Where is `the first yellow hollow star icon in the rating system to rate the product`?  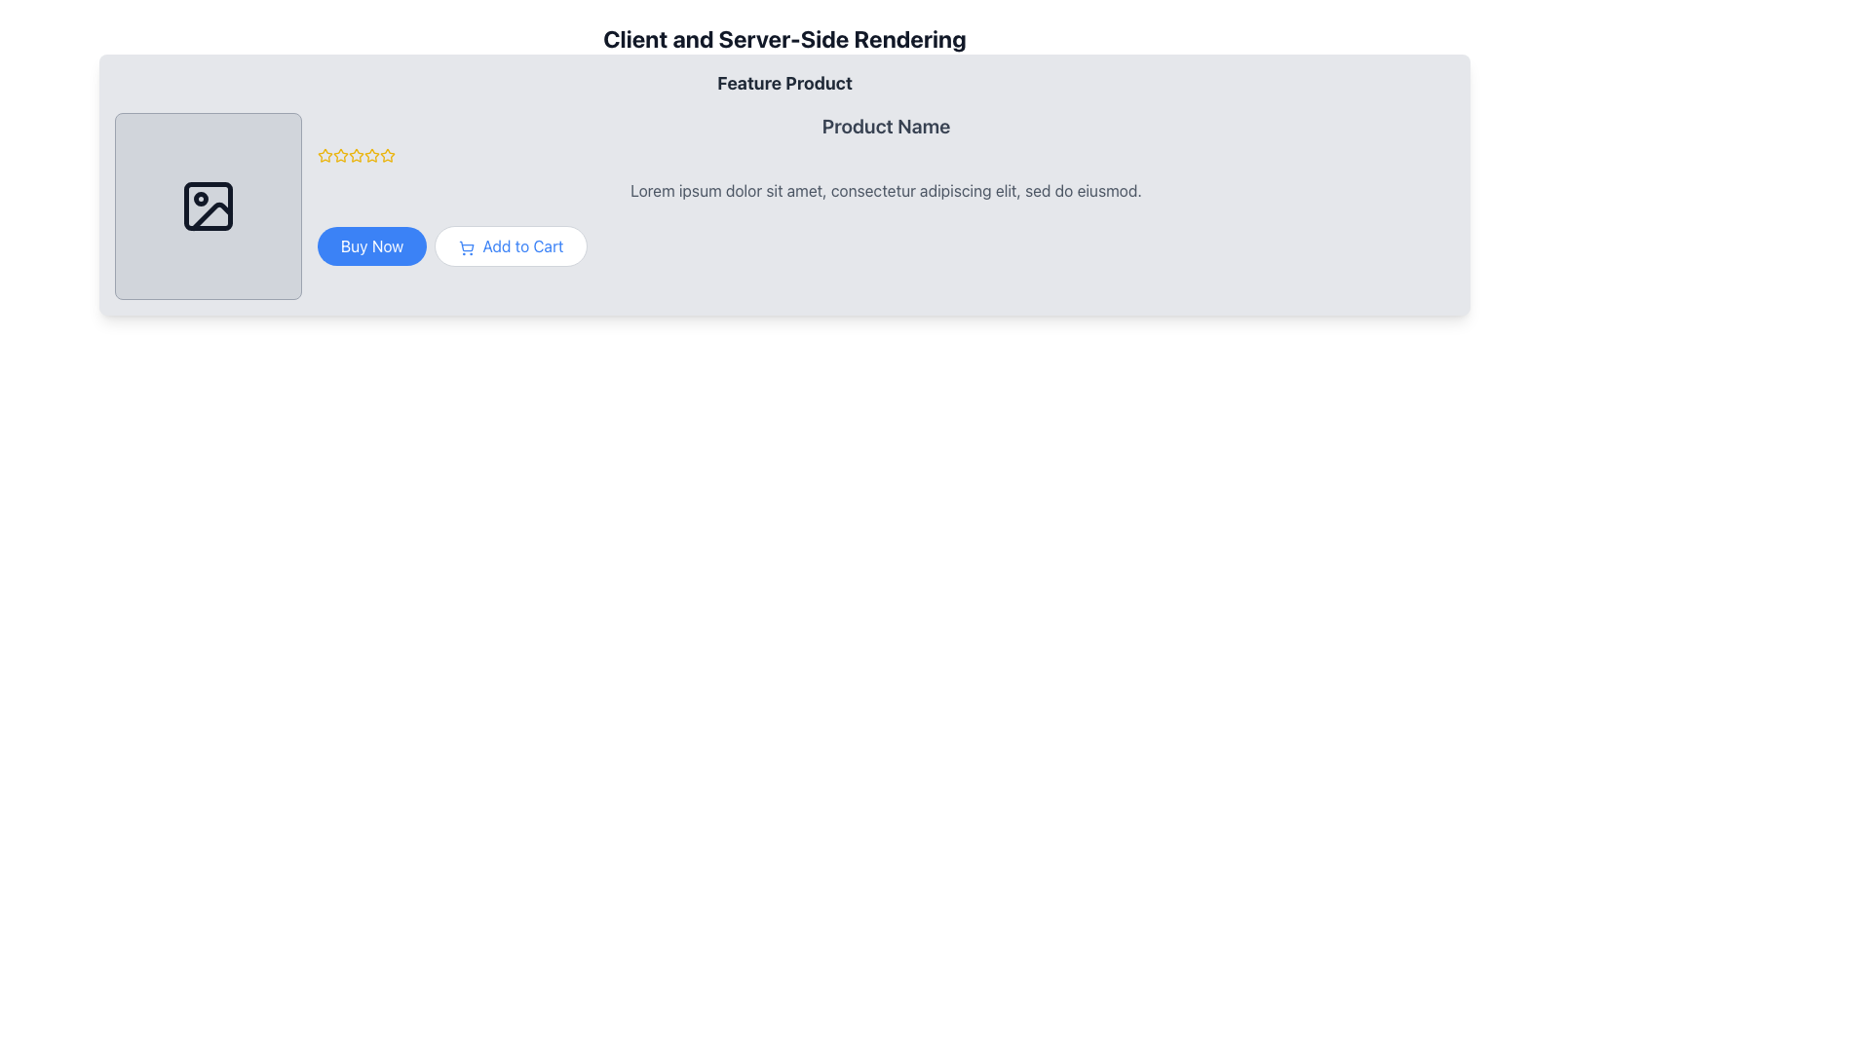
the first yellow hollow star icon in the rating system to rate the product is located at coordinates (325, 154).